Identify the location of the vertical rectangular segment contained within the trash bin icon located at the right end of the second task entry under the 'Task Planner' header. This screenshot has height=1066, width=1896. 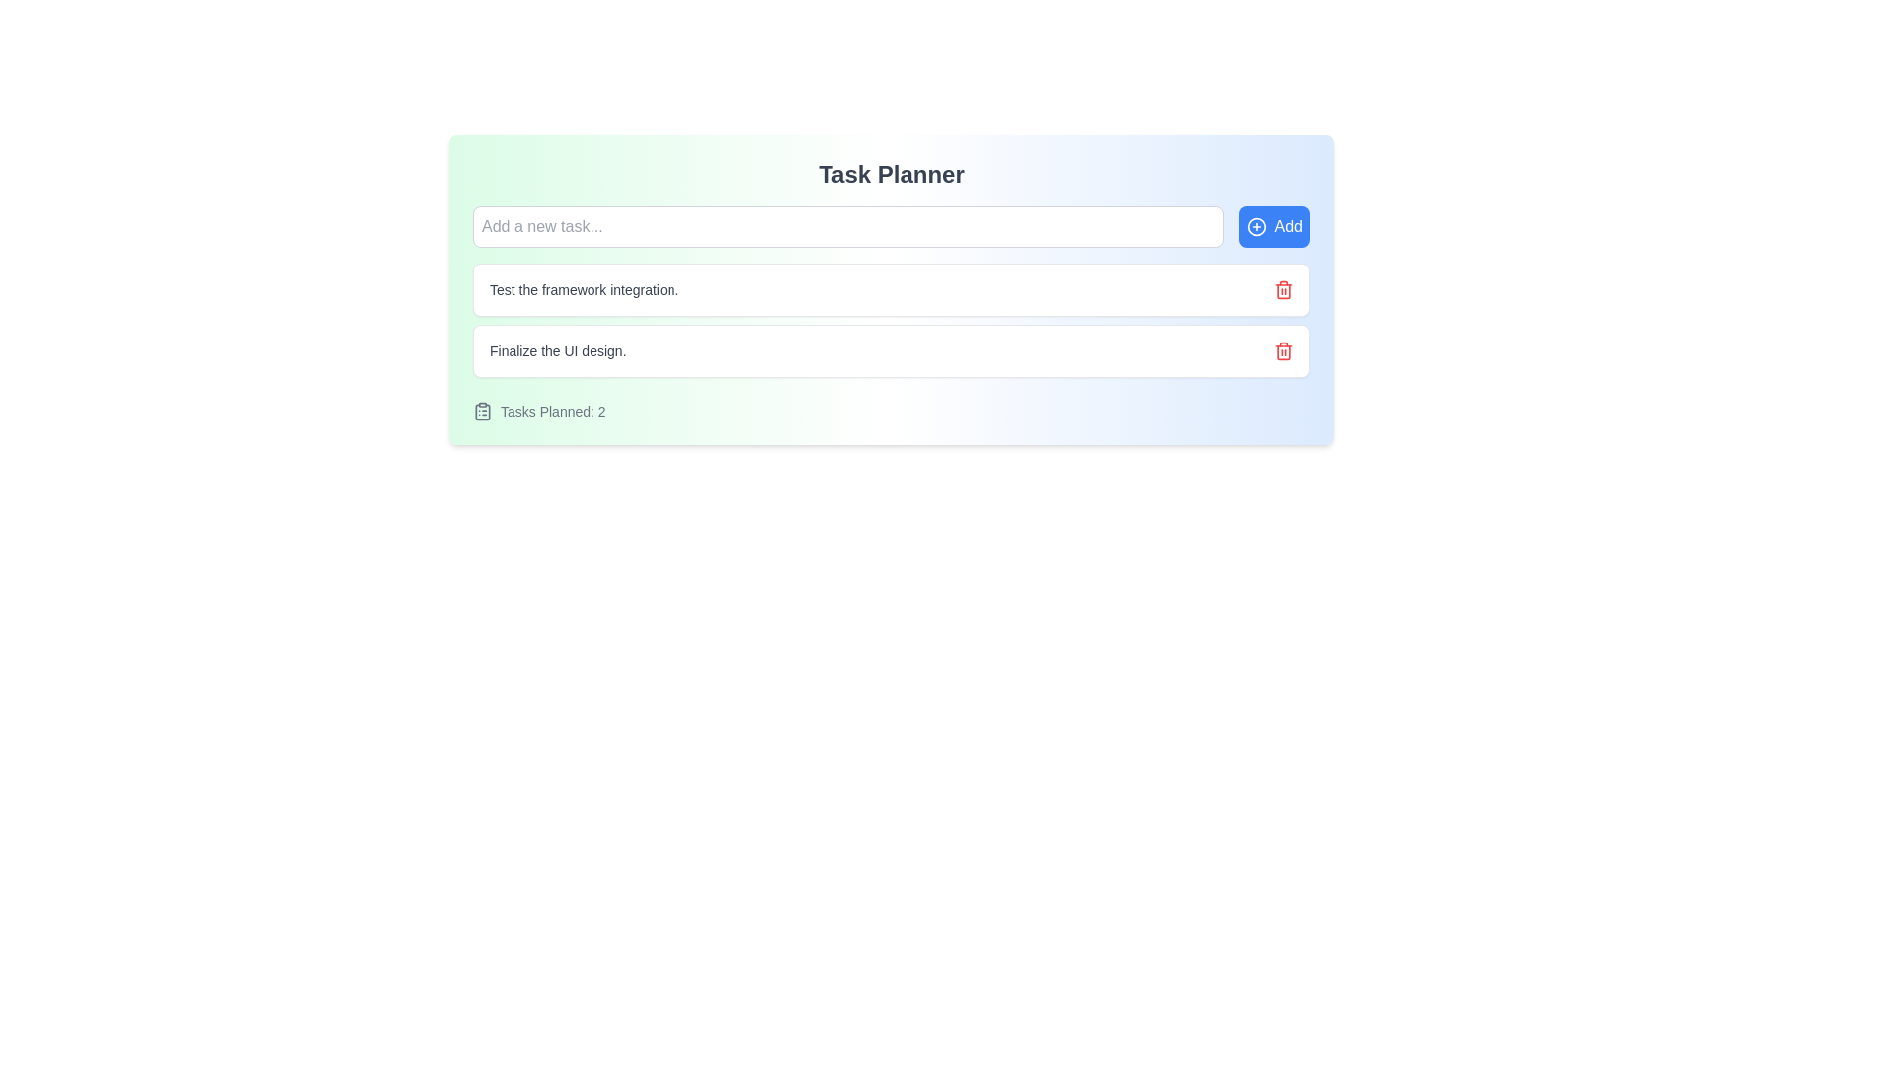
(1284, 290).